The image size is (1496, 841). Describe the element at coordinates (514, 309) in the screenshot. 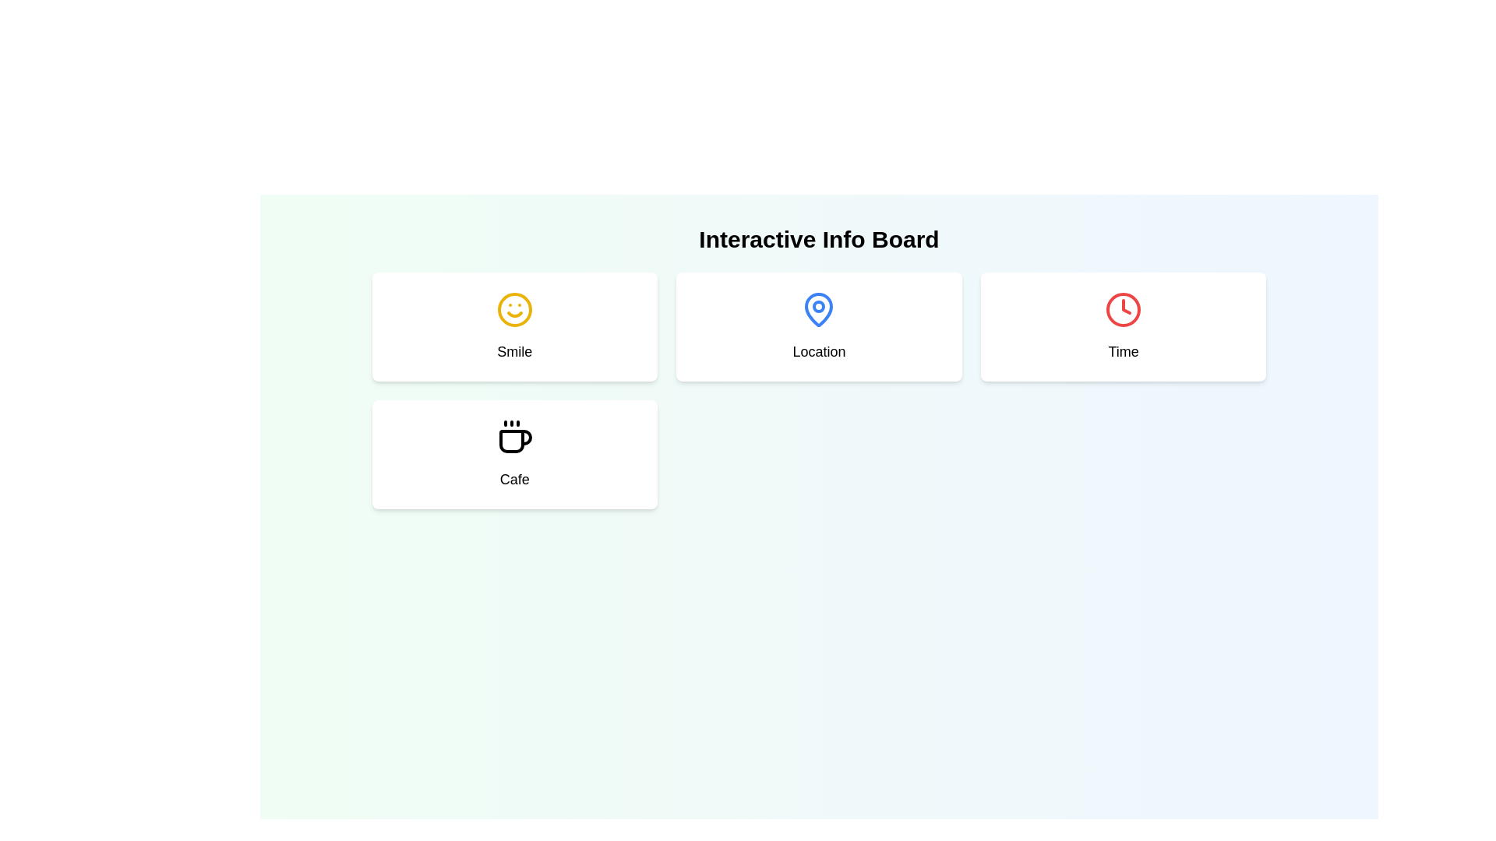

I see `the 'Smile' icon located in the top-left card of the four-card grid layout, which visually represents a positive emotion` at that location.